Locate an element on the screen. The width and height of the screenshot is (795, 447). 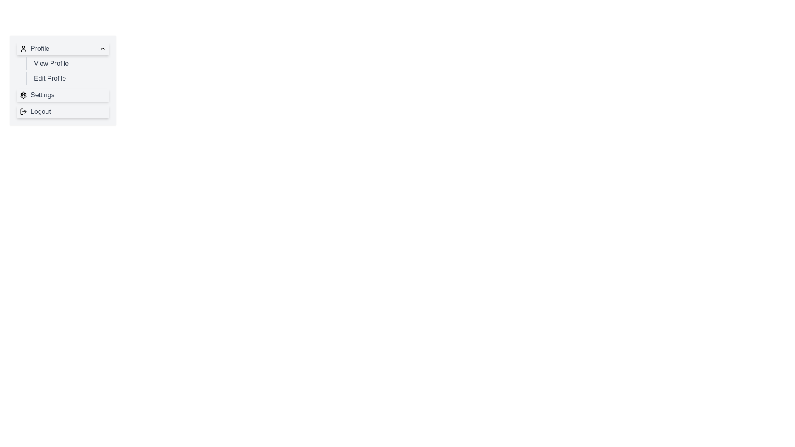
the settings icon located to the left of the 'Settings' text in the vertical menu under the 'Profile' section is located at coordinates (24, 95).